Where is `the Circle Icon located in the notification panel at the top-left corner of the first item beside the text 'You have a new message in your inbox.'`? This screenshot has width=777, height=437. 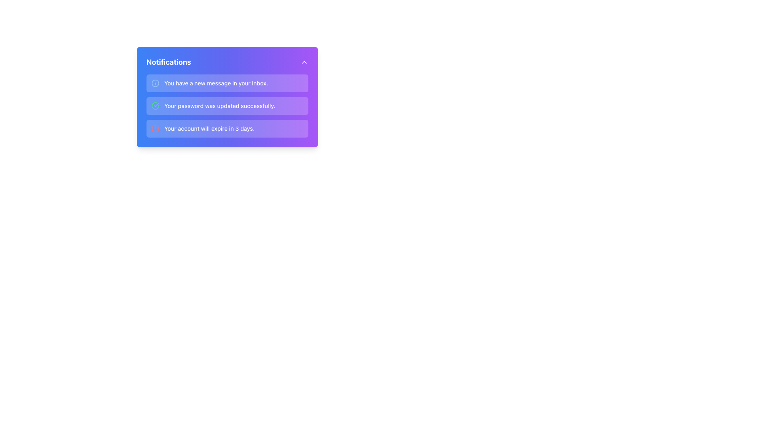 the Circle Icon located in the notification panel at the top-left corner of the first item beside the text 'You have a new message in your inbox.' is located at coordinates (155, 83).